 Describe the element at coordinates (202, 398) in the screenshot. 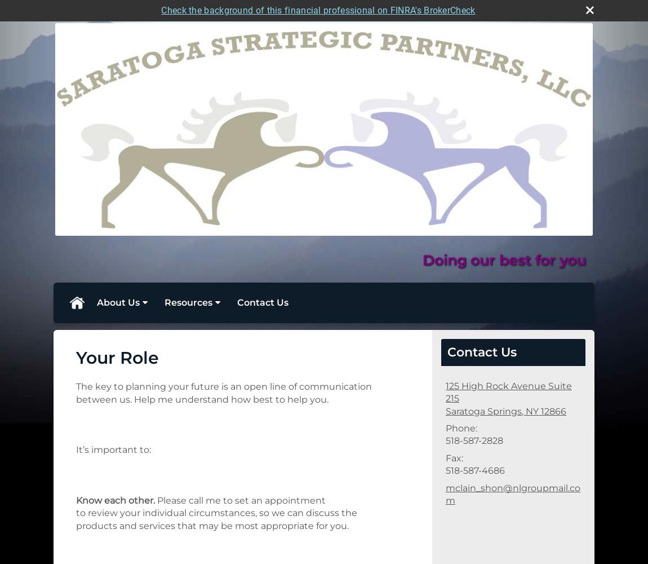

I see `'between us. Help me understand how best to help you.'` at that location.